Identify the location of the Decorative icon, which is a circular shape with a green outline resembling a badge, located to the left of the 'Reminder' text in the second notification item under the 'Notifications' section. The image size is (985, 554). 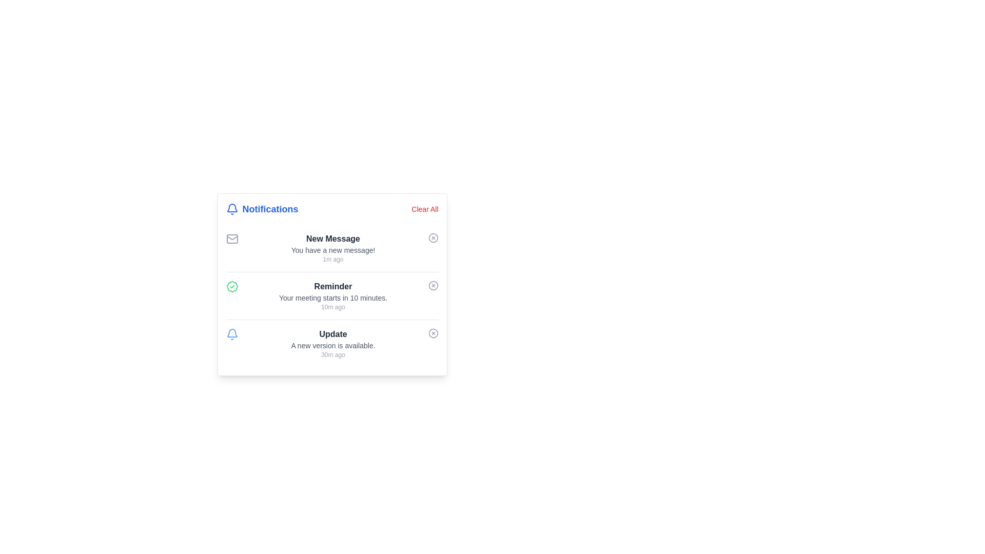
(231, 287).